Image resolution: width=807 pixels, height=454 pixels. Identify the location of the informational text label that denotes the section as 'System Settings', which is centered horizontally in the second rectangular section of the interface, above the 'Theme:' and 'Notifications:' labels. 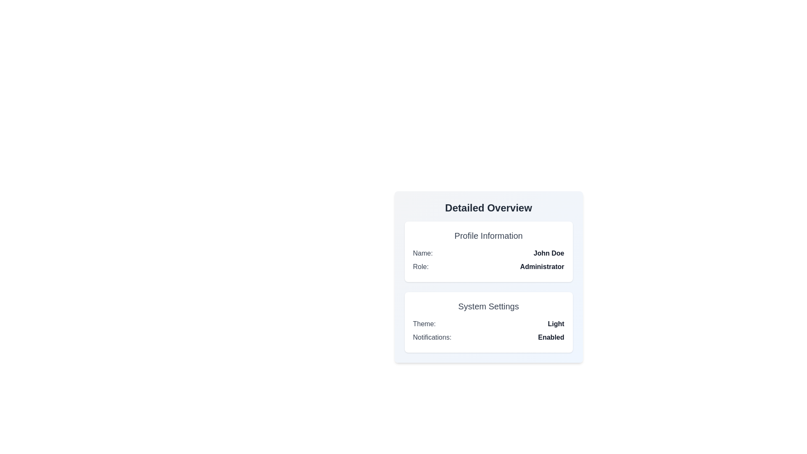
(488, 306).